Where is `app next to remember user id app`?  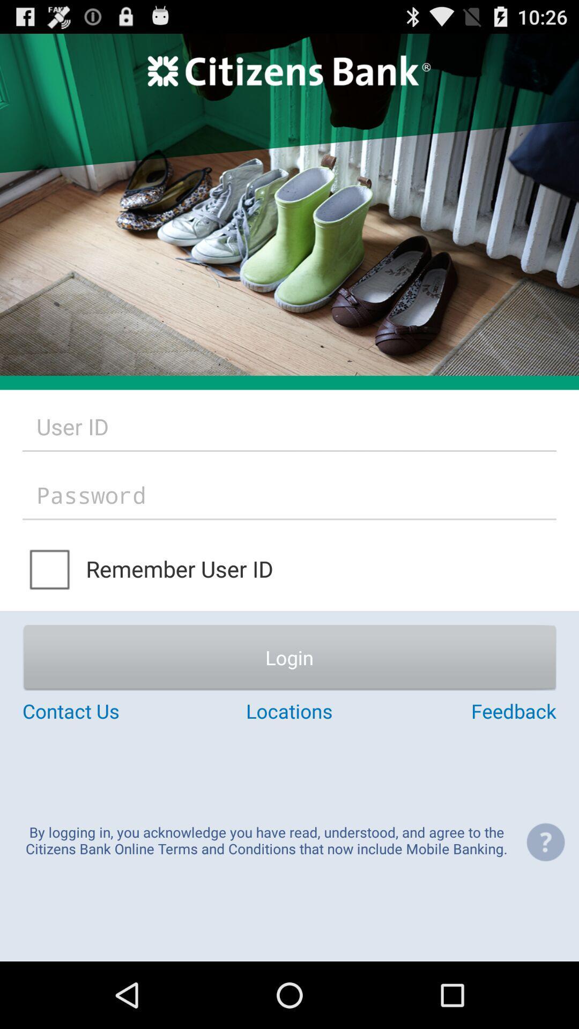
app next to remember user id app is located at coordinates (50, 568).